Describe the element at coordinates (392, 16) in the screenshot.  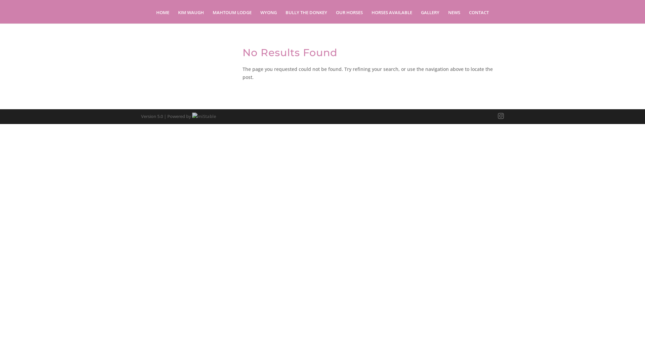
I see `'HORSES AVAILABLE'` at that location.